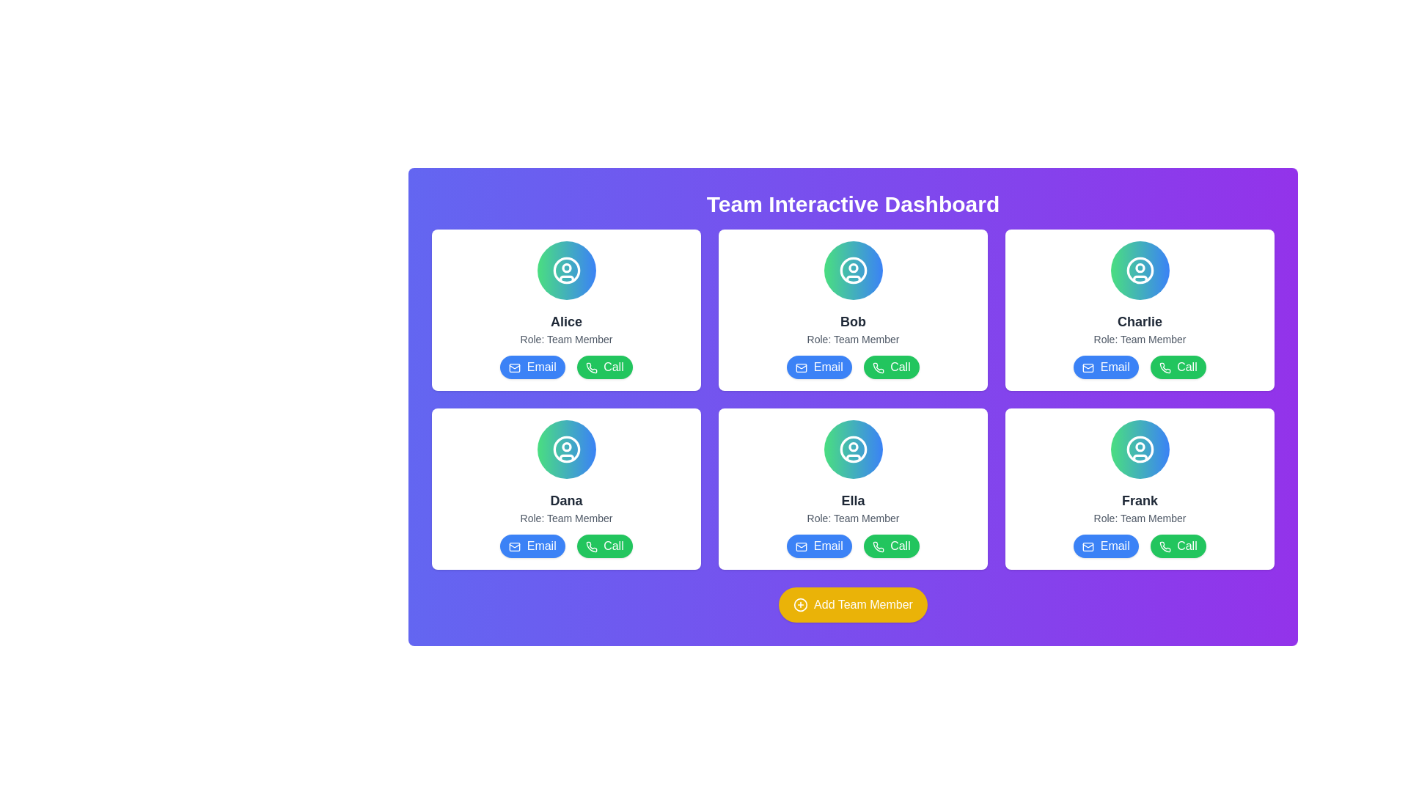 The width and height of the screenshot is (1408, 792). I want to click on the vibrant green 'Call' button with rounded corners located, so click(890, 367).